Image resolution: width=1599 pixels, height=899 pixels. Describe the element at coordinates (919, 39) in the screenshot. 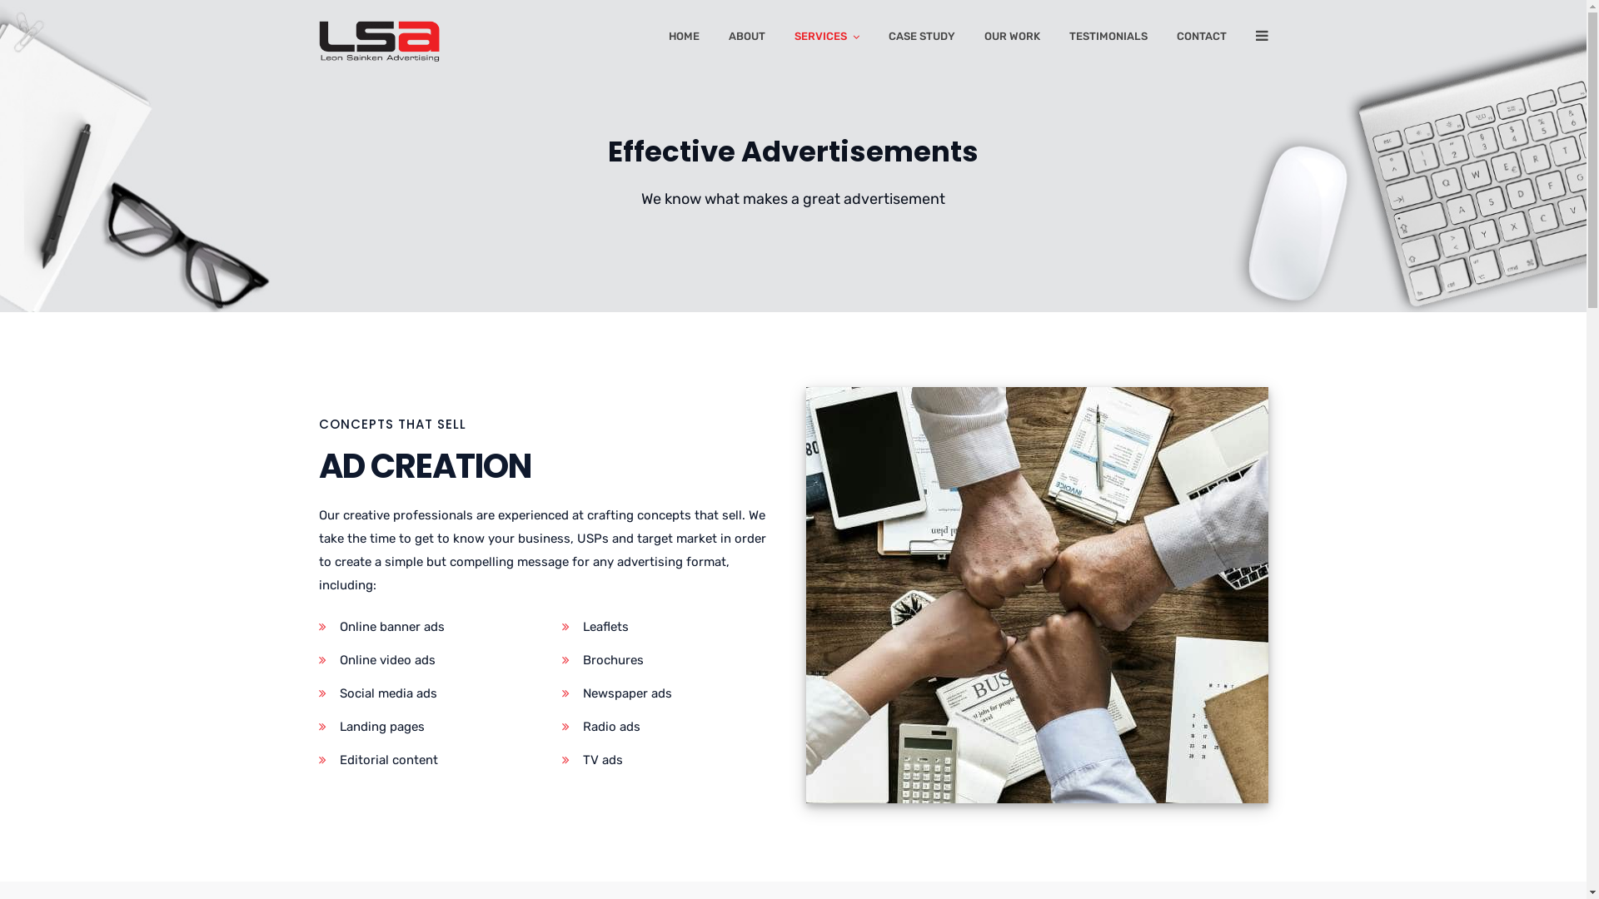

I see `'CASE STUDY'` at that location.